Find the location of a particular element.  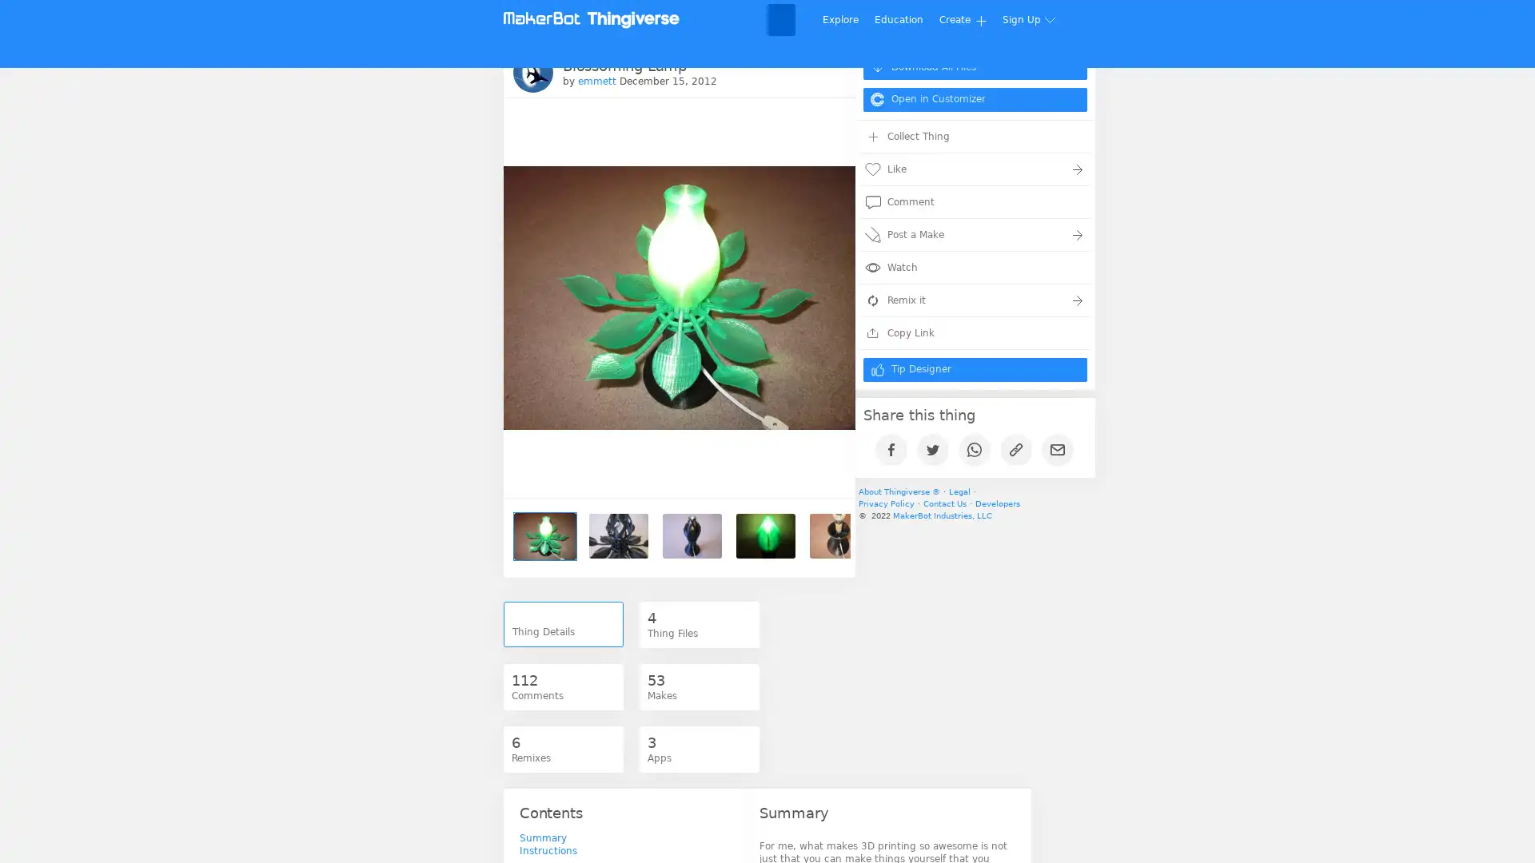

slide item 3 is located at coordinates (692, 535).